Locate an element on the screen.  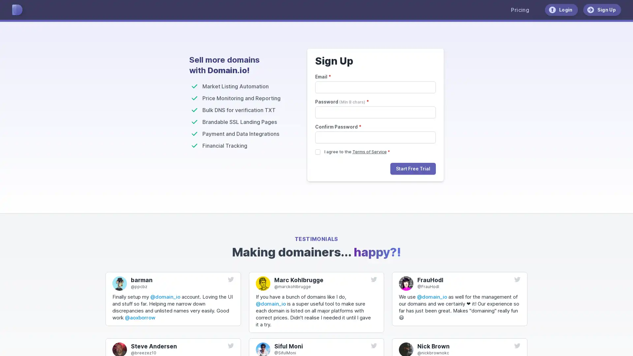
Start Free Trial is located at coordinates (412, 168).